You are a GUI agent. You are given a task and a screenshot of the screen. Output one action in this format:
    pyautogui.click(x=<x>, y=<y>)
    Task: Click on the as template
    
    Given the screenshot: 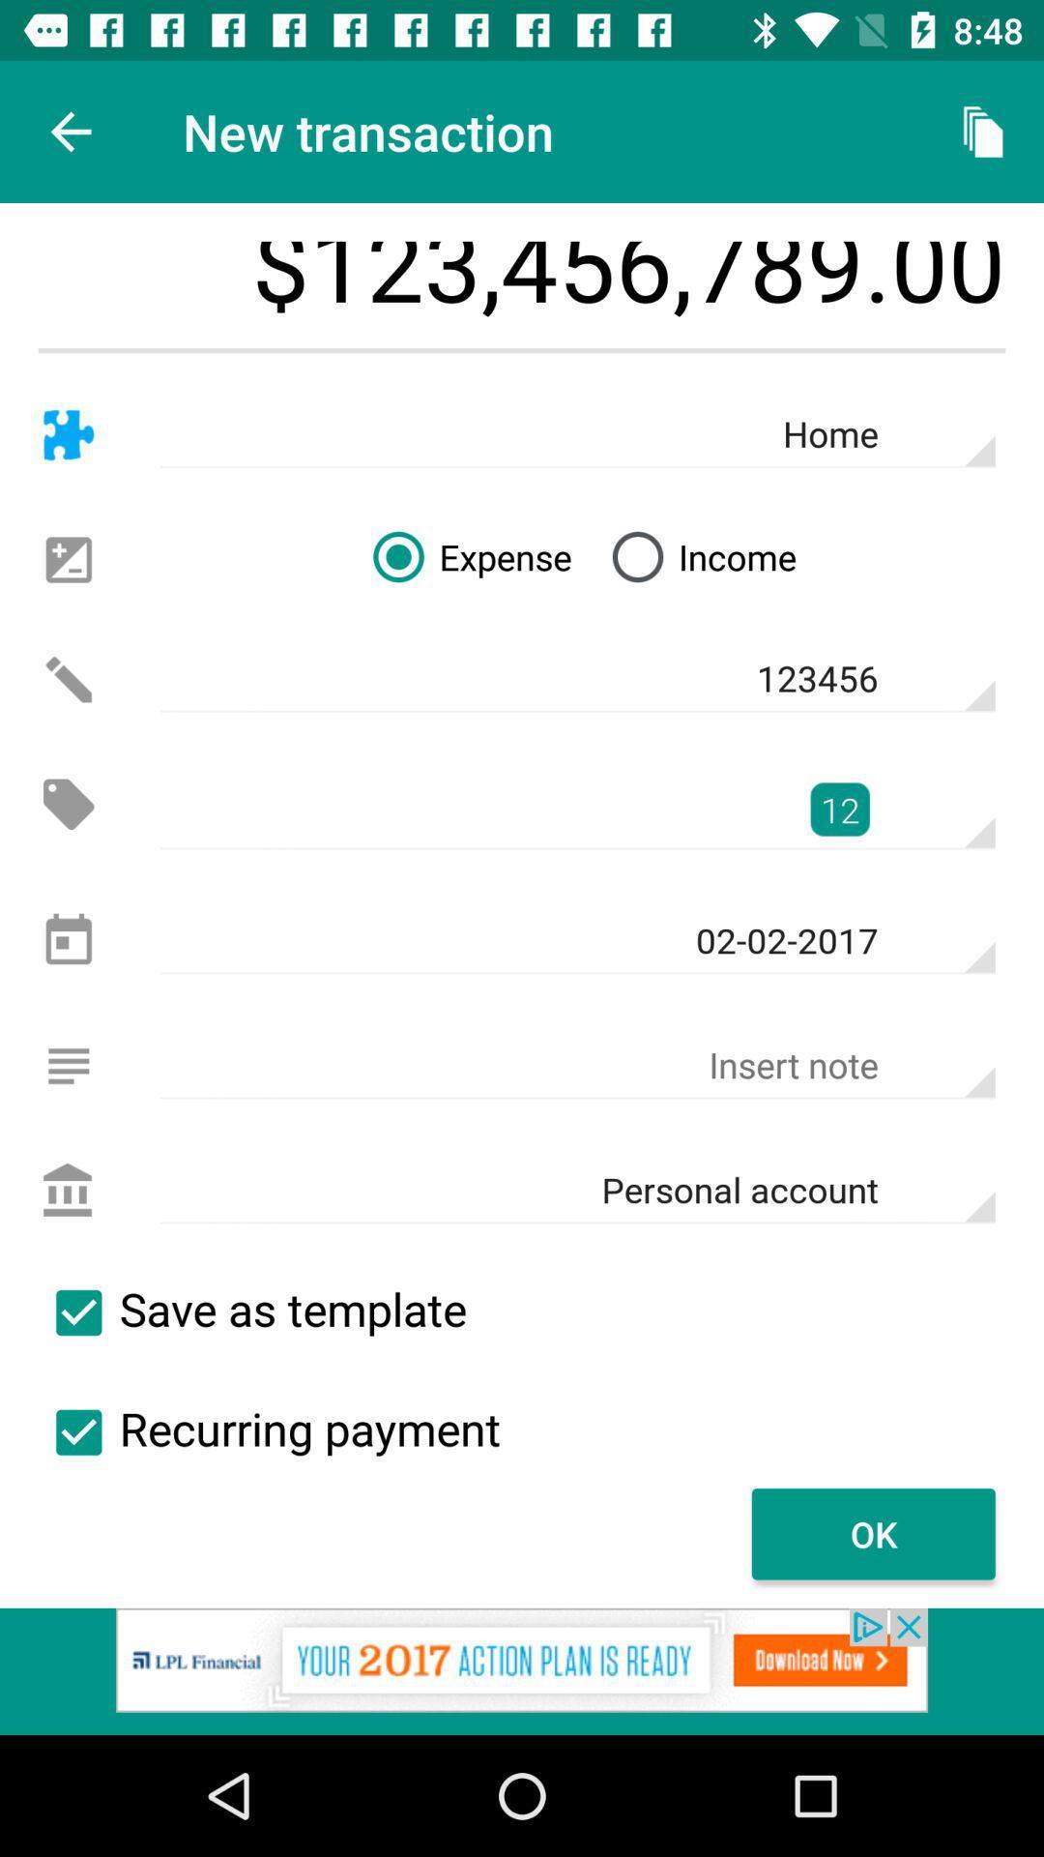 What is the action you would take?
    pyautogui.click(x=77, y=1312)
    